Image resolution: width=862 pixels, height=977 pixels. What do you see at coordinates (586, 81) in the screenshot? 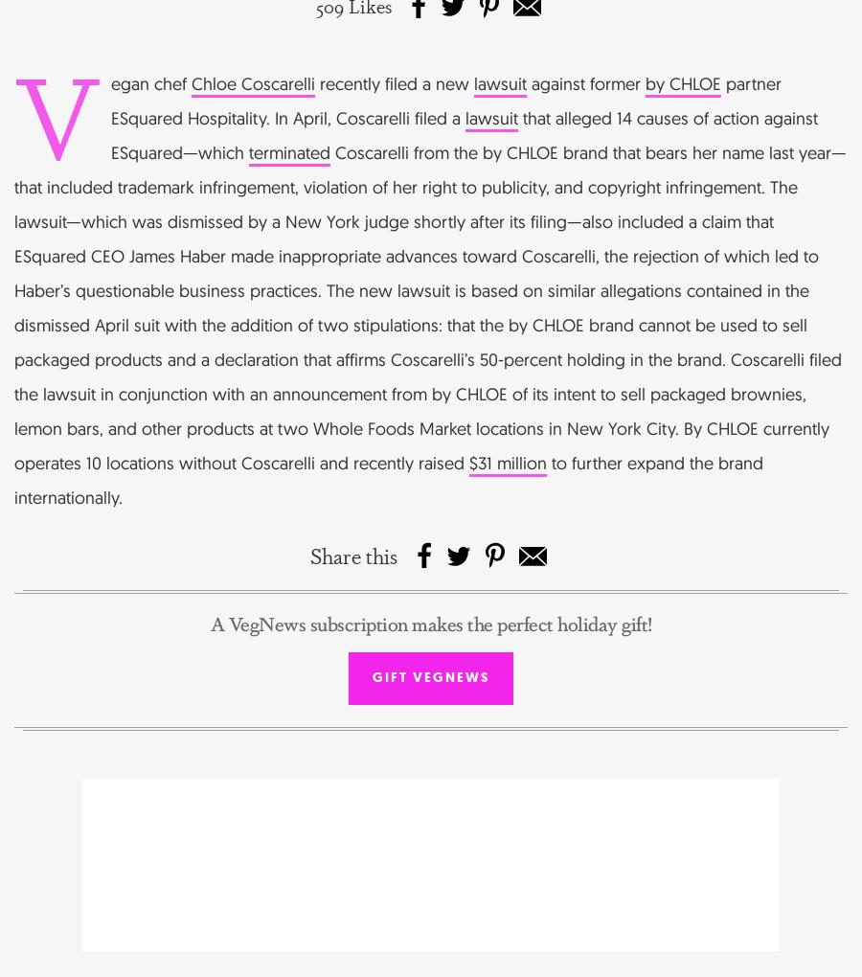
I see `'against former'` at bounding box center [586, 81].